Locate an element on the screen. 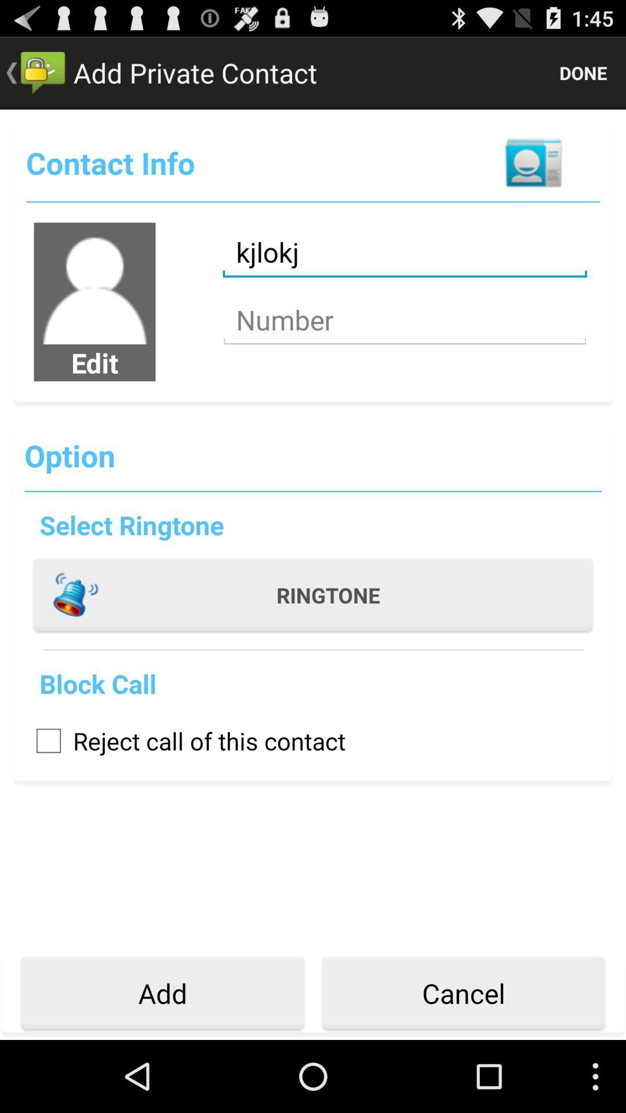  reject call of icon is located at coordinates (184, 740).